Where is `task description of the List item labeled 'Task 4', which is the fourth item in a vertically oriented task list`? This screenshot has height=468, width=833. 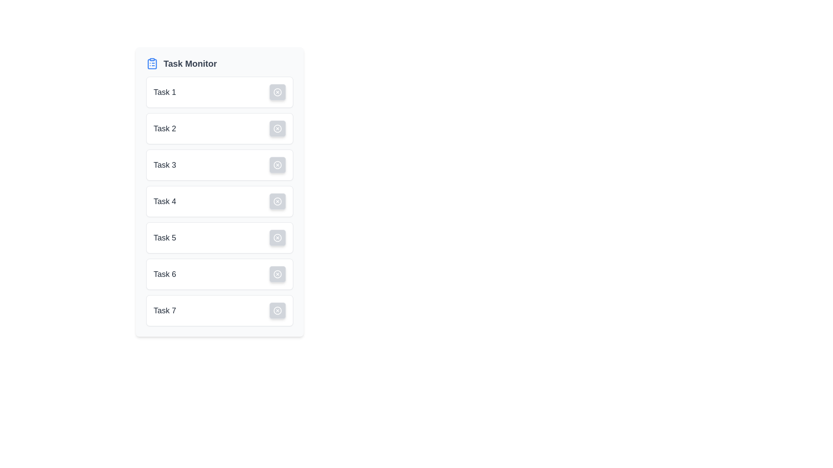
task description of the List item labeled 'Task 4', which is the fourth item in a vertically oriented task list is located at coordinates (220, 201).